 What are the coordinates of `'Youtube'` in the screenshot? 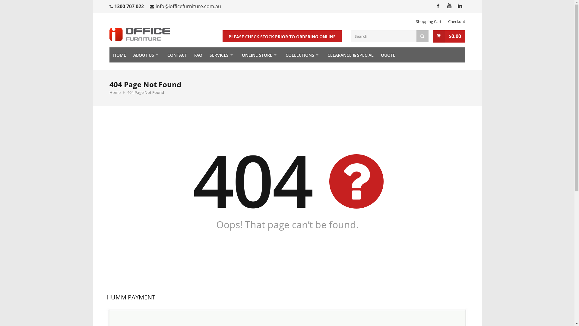 It's located at (443, 5).